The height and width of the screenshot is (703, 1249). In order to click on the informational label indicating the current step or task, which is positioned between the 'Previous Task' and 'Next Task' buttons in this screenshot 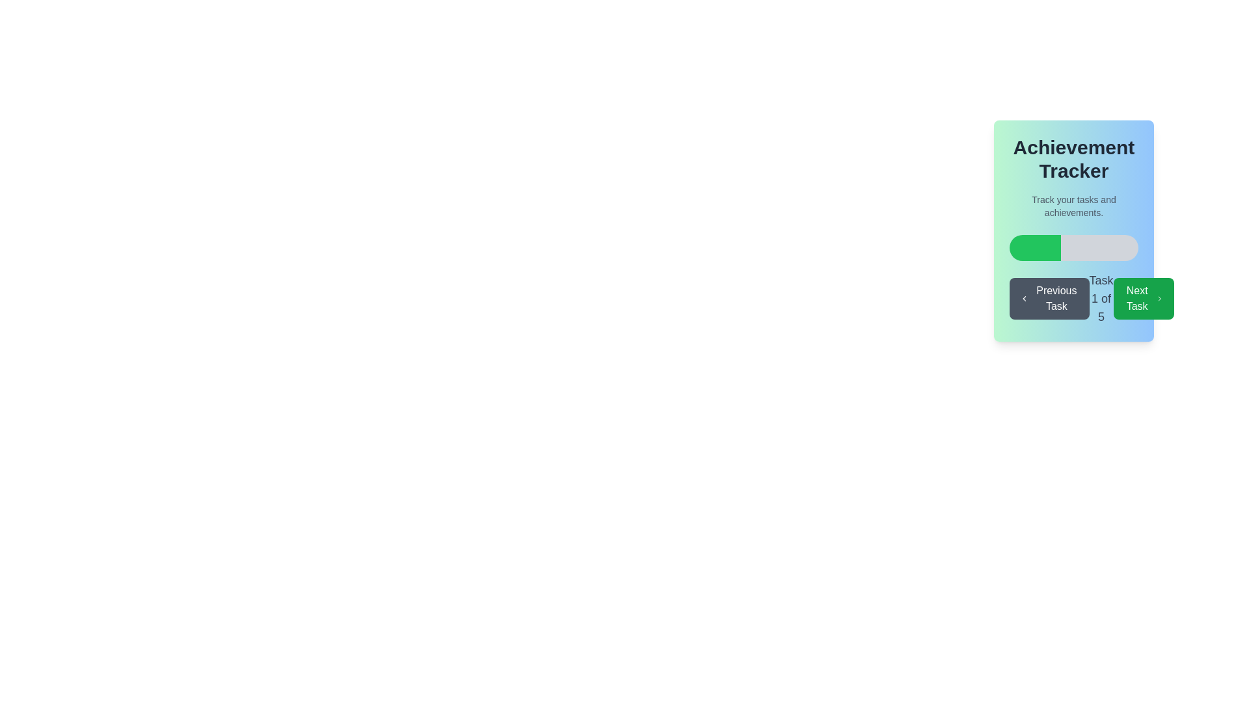, I will do `click(1101, 299)`.